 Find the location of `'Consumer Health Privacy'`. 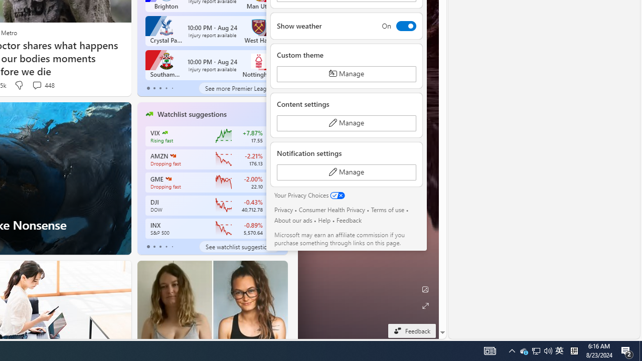

'Consumer Health Privacy' is located at coordinates (332, 209).